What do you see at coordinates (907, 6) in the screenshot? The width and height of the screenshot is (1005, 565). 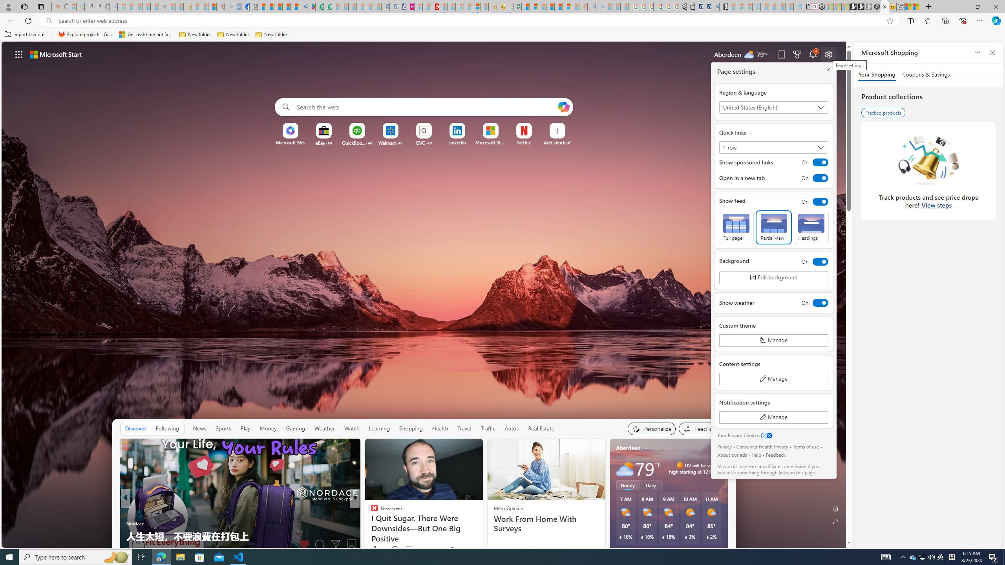 I see `'Wildlife - MSN'` at bounding box center [907, 6].